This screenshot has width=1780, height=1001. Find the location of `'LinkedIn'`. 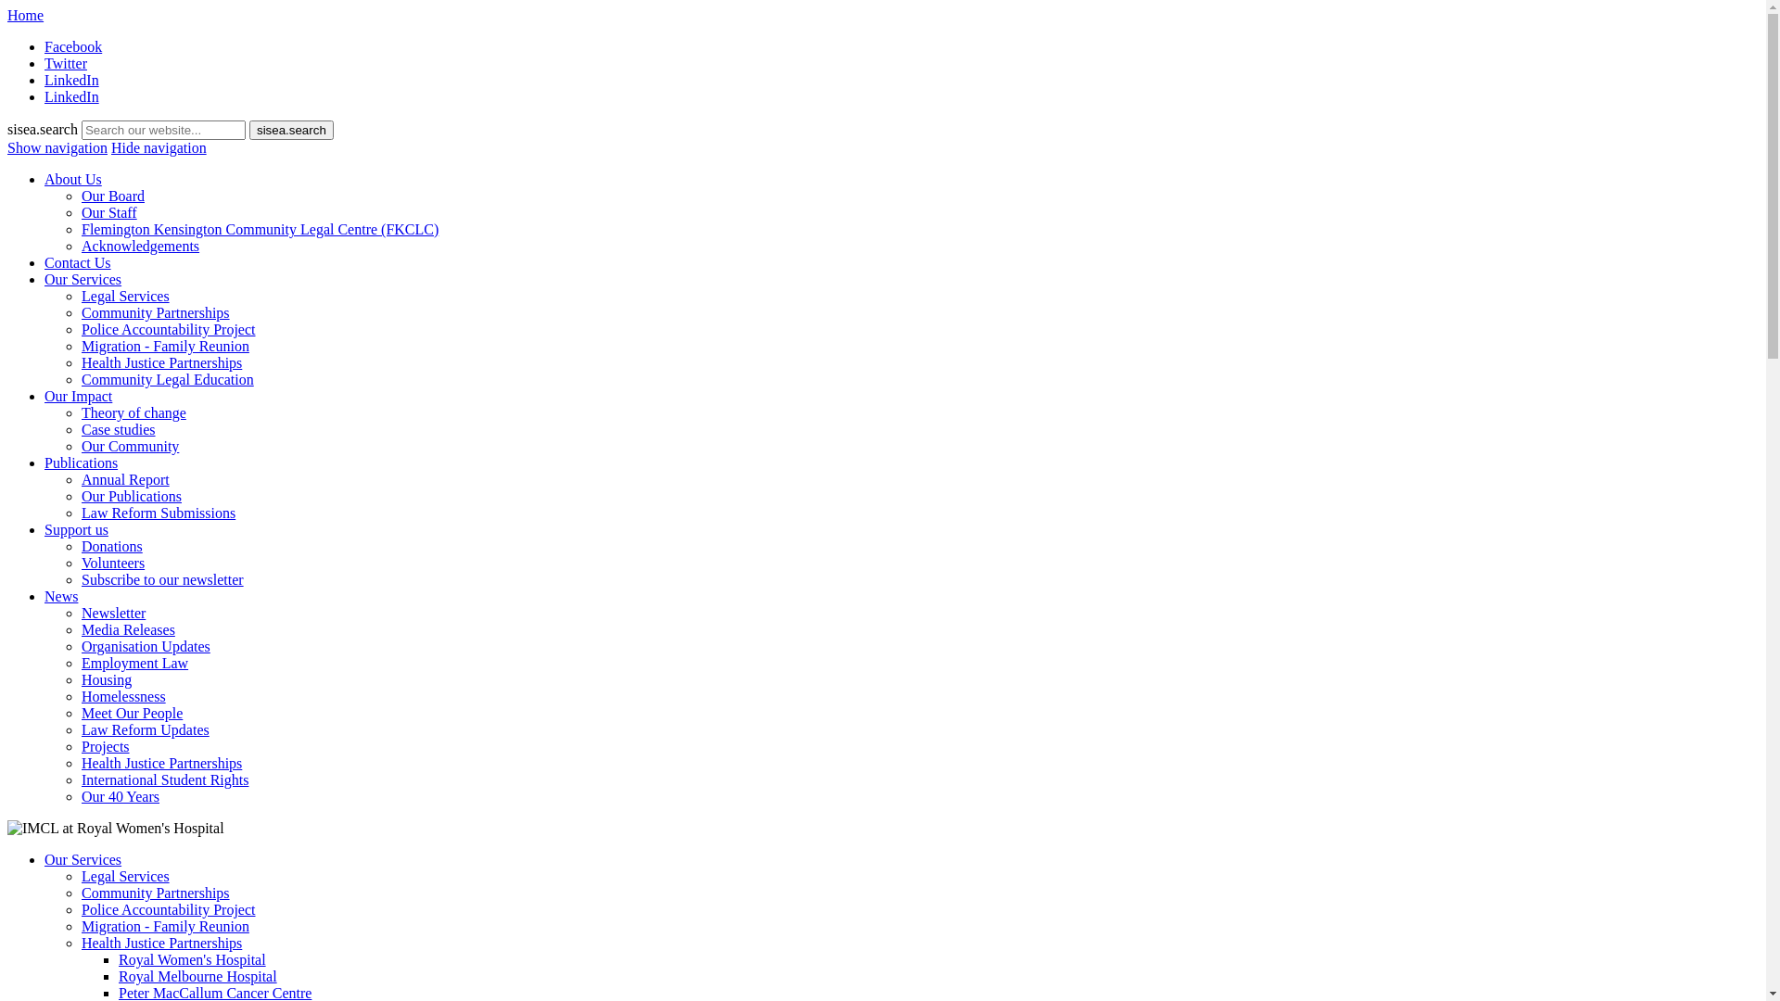

'LinkedIn' is located at coordinates (44, 79).